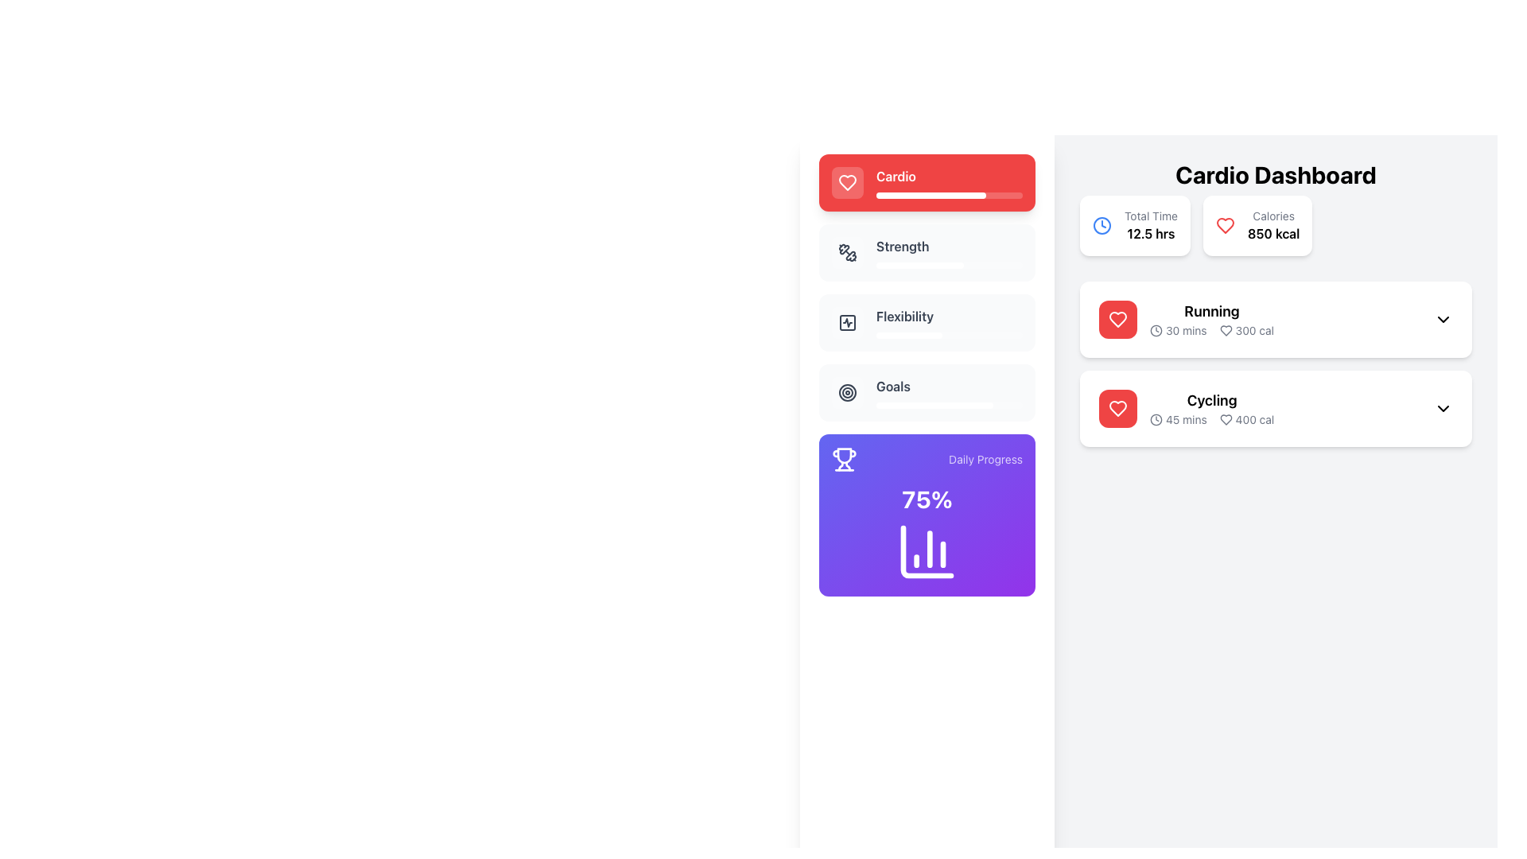 Image resolution: width=1527 pixels, height=859 pixels. I want to click on the time indicator icon located within the 'Running' card, positioned before the text '30 mins', so click(1156, 330).